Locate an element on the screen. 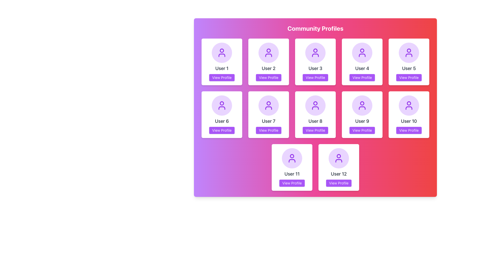  the 'View Profile' button with a purple background and white text located in the user card for 'User 5' to observe any visual effects is located at coordinates (409, 77).